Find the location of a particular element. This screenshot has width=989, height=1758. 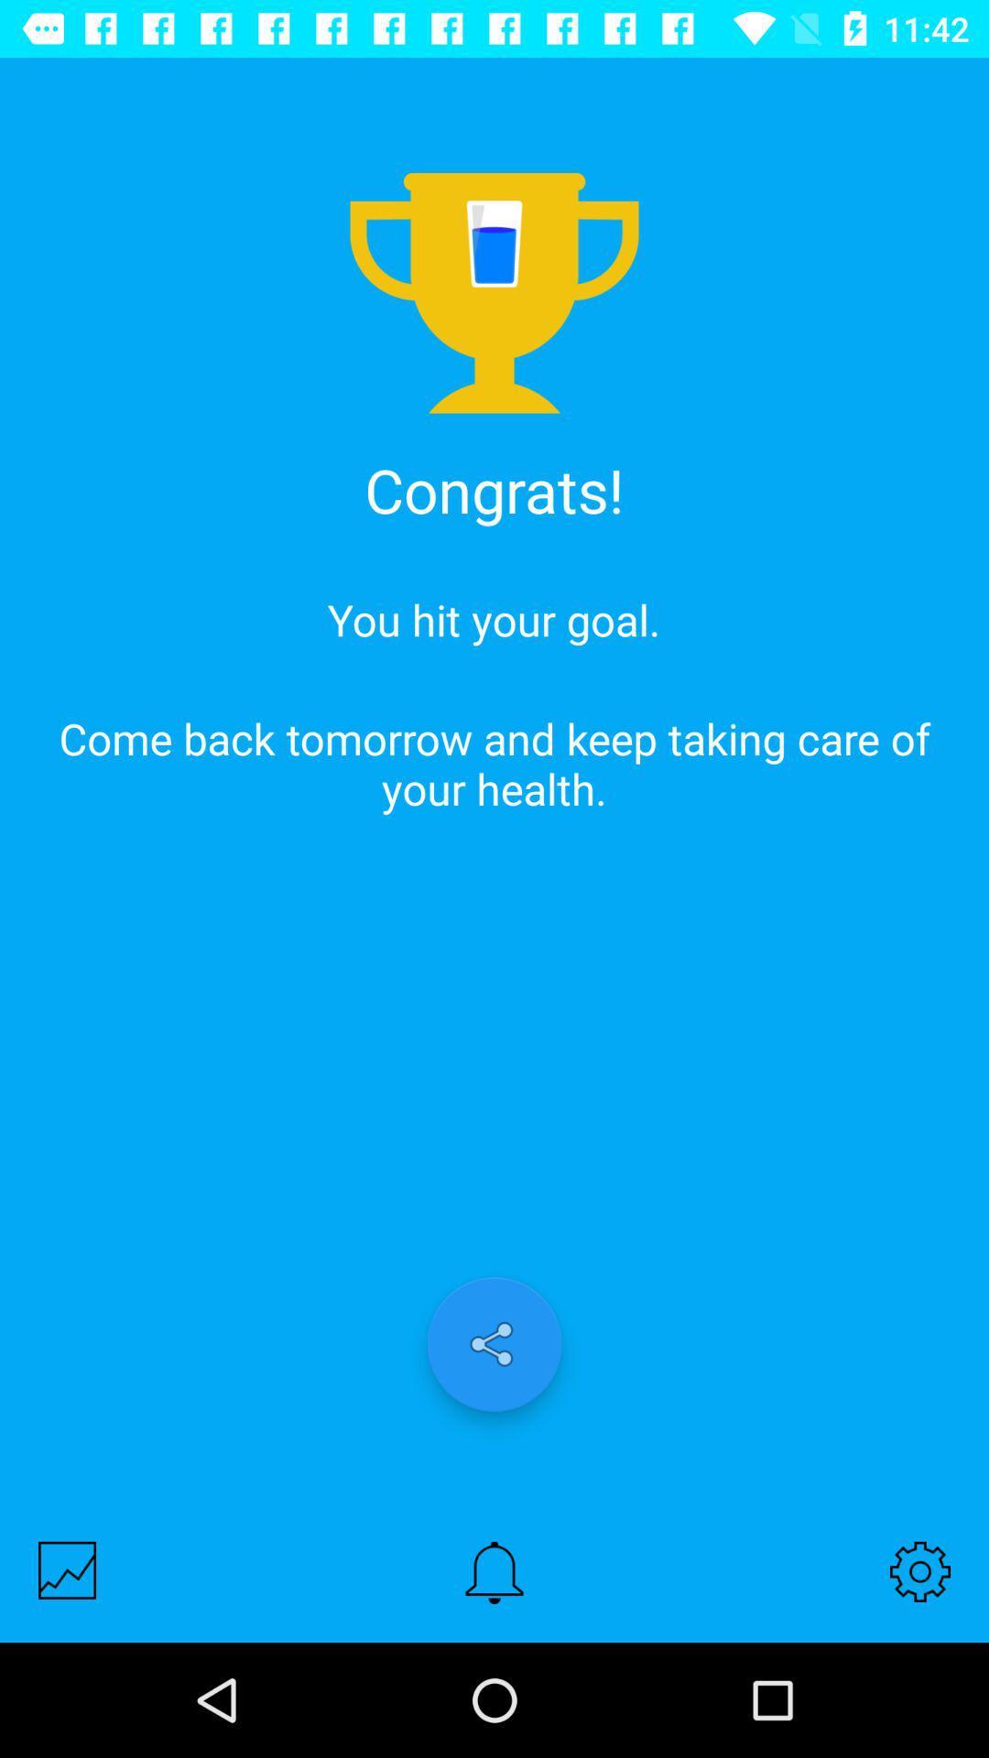

the settings icon is located at coordinates (920, 1570).